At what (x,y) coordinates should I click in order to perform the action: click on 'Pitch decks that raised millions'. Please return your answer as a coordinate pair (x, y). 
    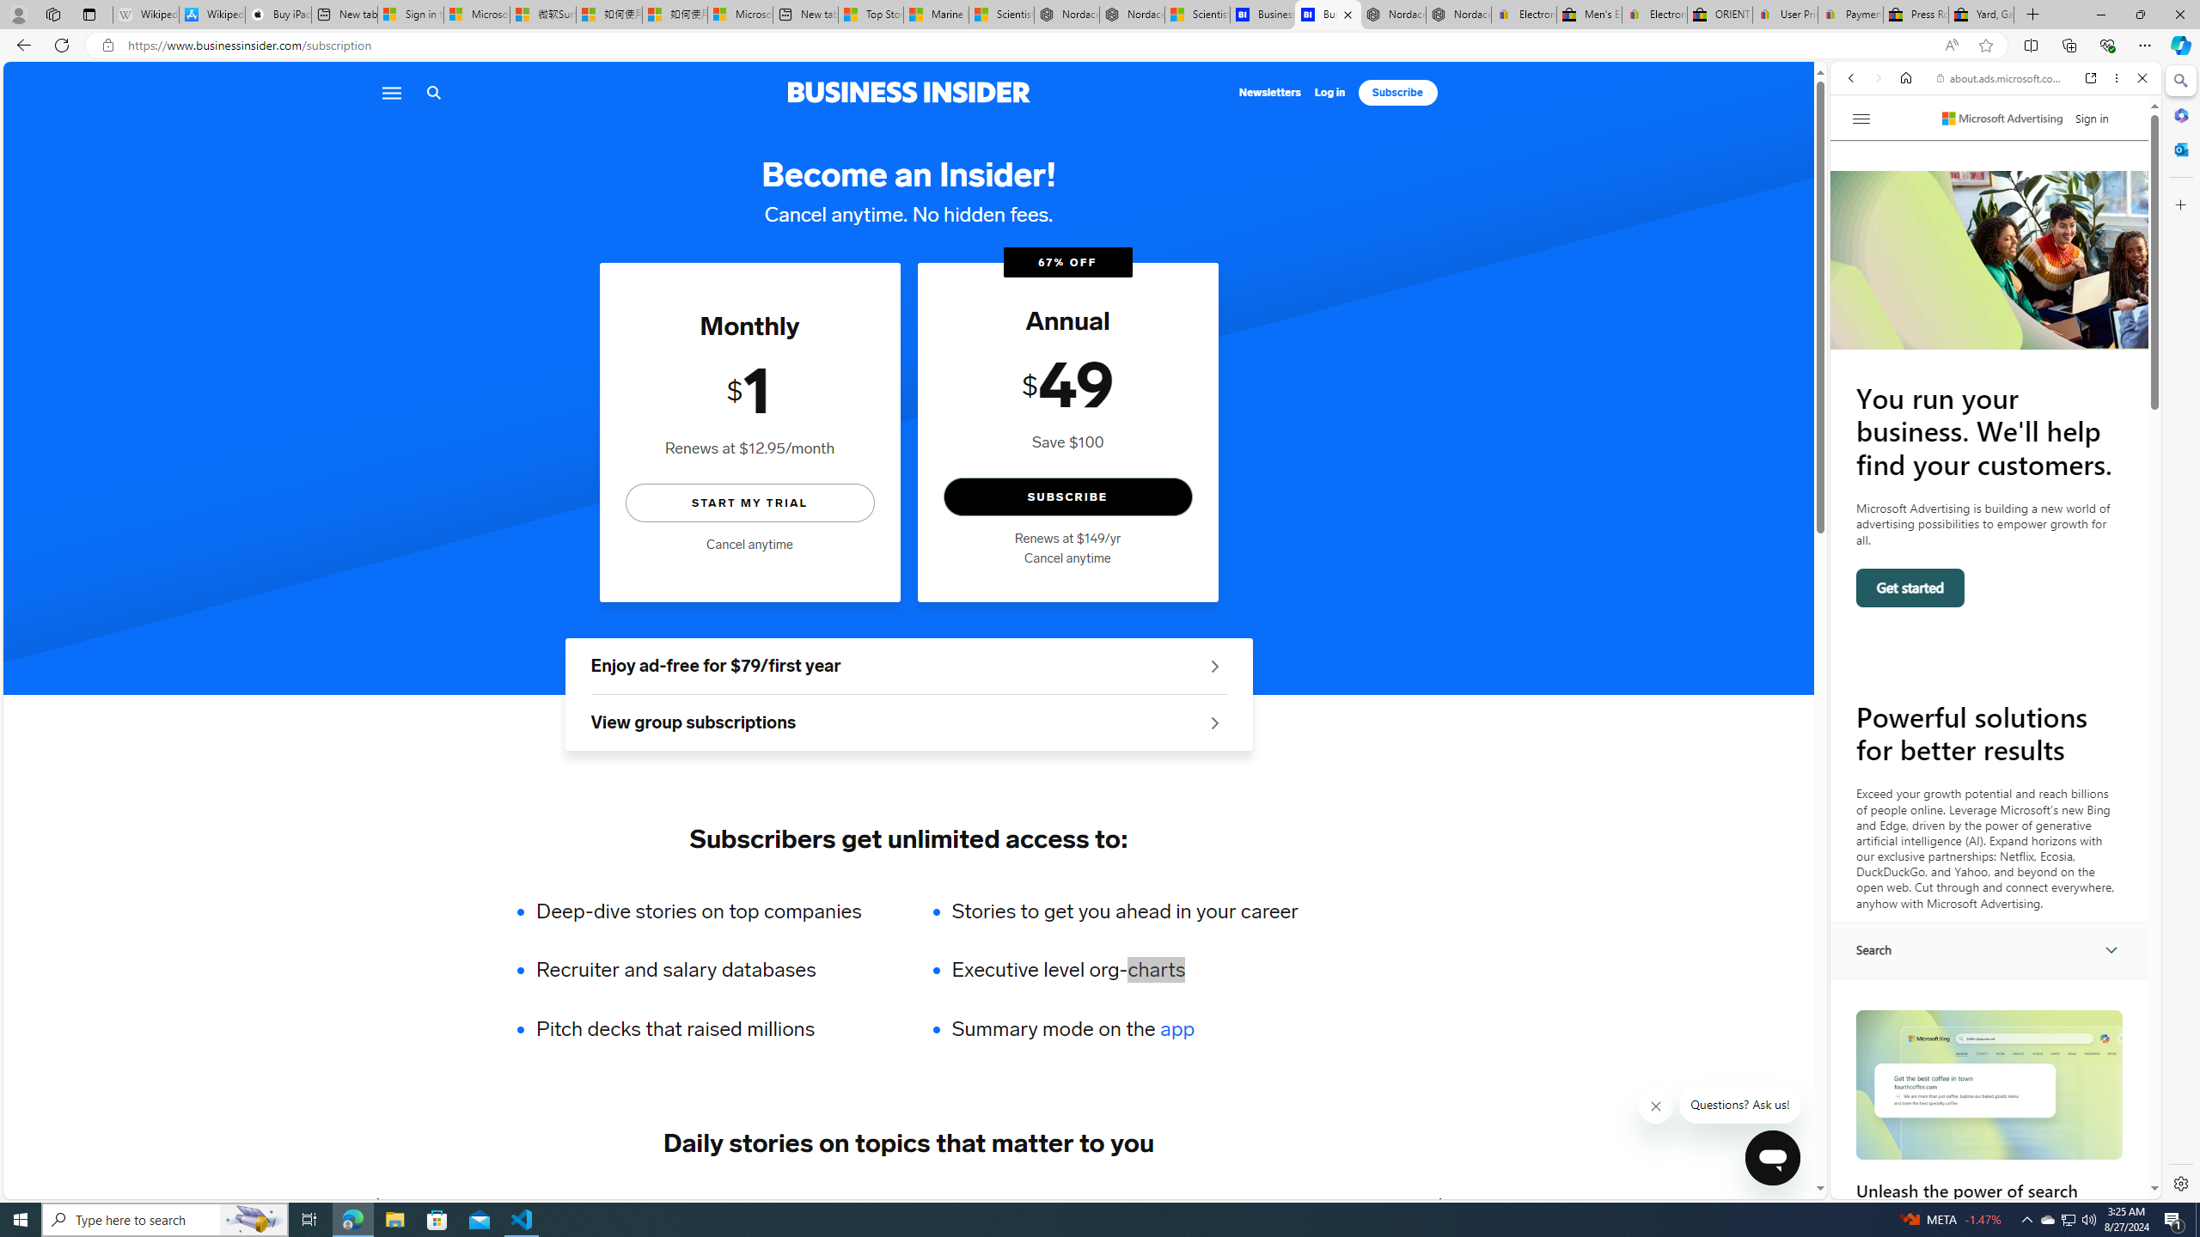
    Looking at the image, I should click on (710, 1029).